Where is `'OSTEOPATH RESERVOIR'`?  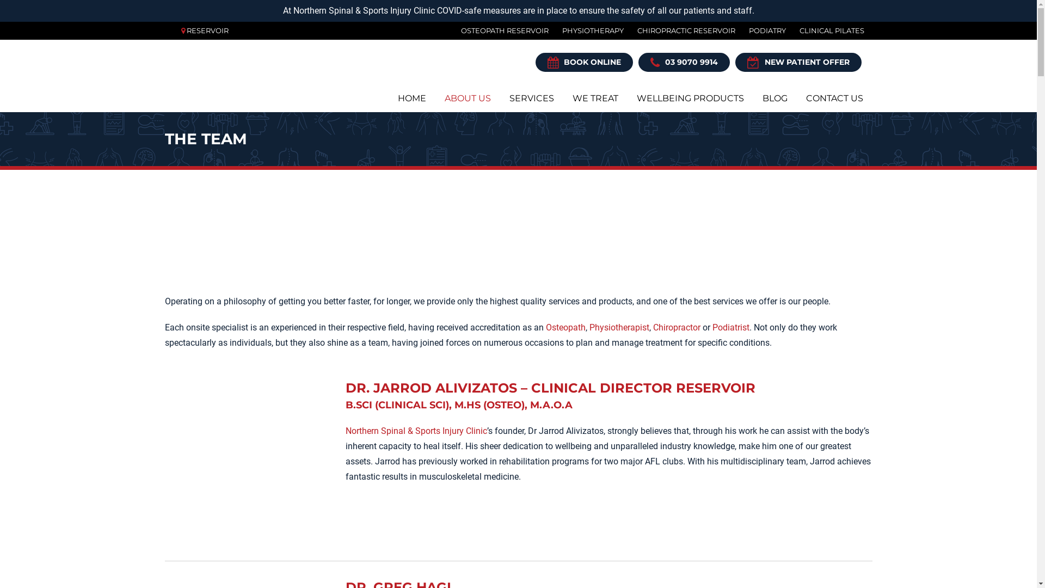
'OSTEOPATH RESERVOIR' is located at coordinates (497, 30).